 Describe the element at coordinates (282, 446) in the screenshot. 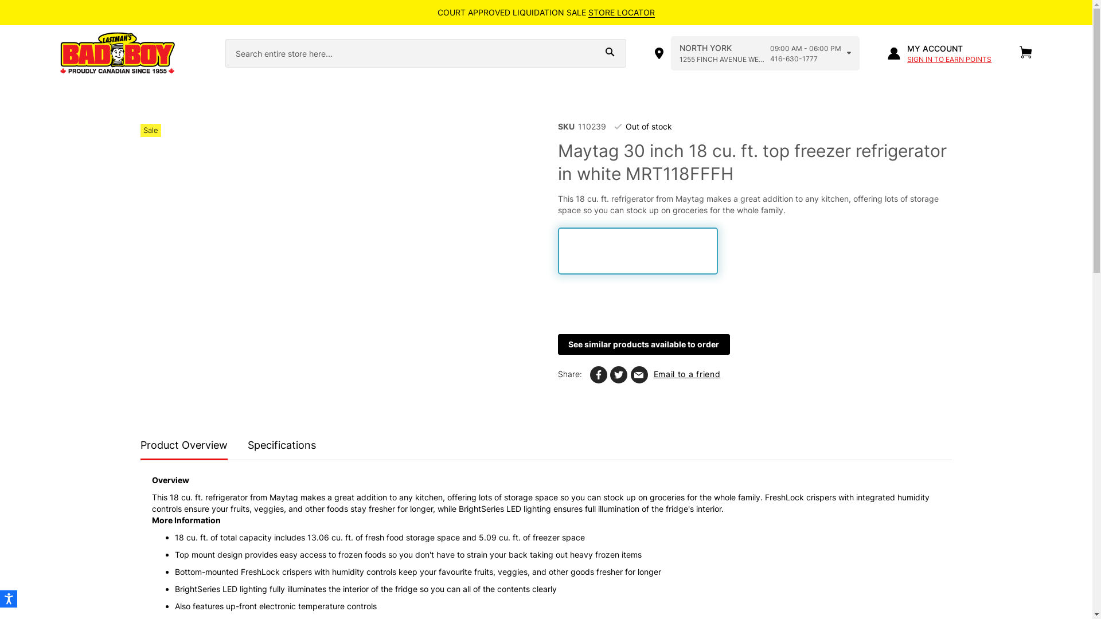

I see `'Specifications'` at that location.